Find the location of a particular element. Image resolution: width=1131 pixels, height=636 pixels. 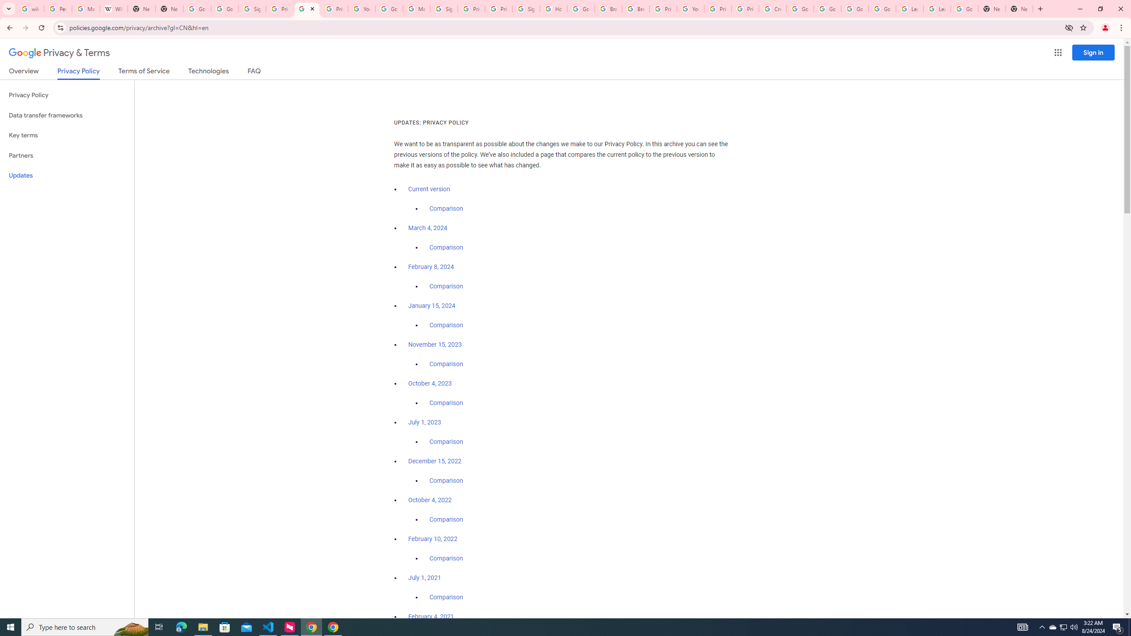

'Brand Resource Center' is located at coordinates (635, 8).